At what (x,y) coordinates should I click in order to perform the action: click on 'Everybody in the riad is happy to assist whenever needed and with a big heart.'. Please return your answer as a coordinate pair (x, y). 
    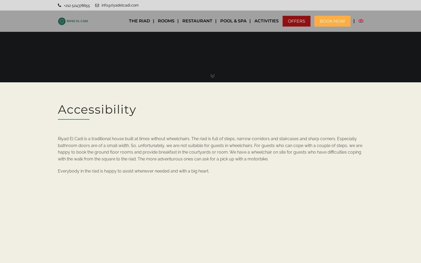
    Looking at the image, I should click on (133, 171).